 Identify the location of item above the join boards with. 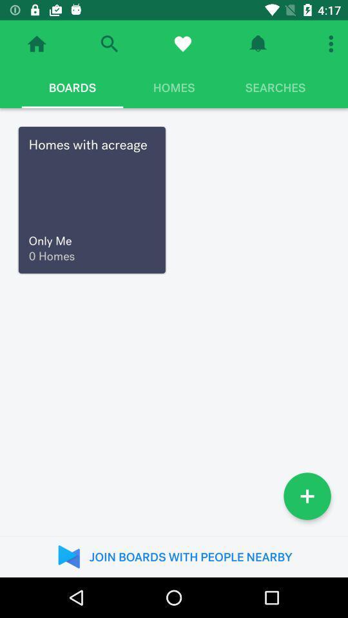
(306, 495).